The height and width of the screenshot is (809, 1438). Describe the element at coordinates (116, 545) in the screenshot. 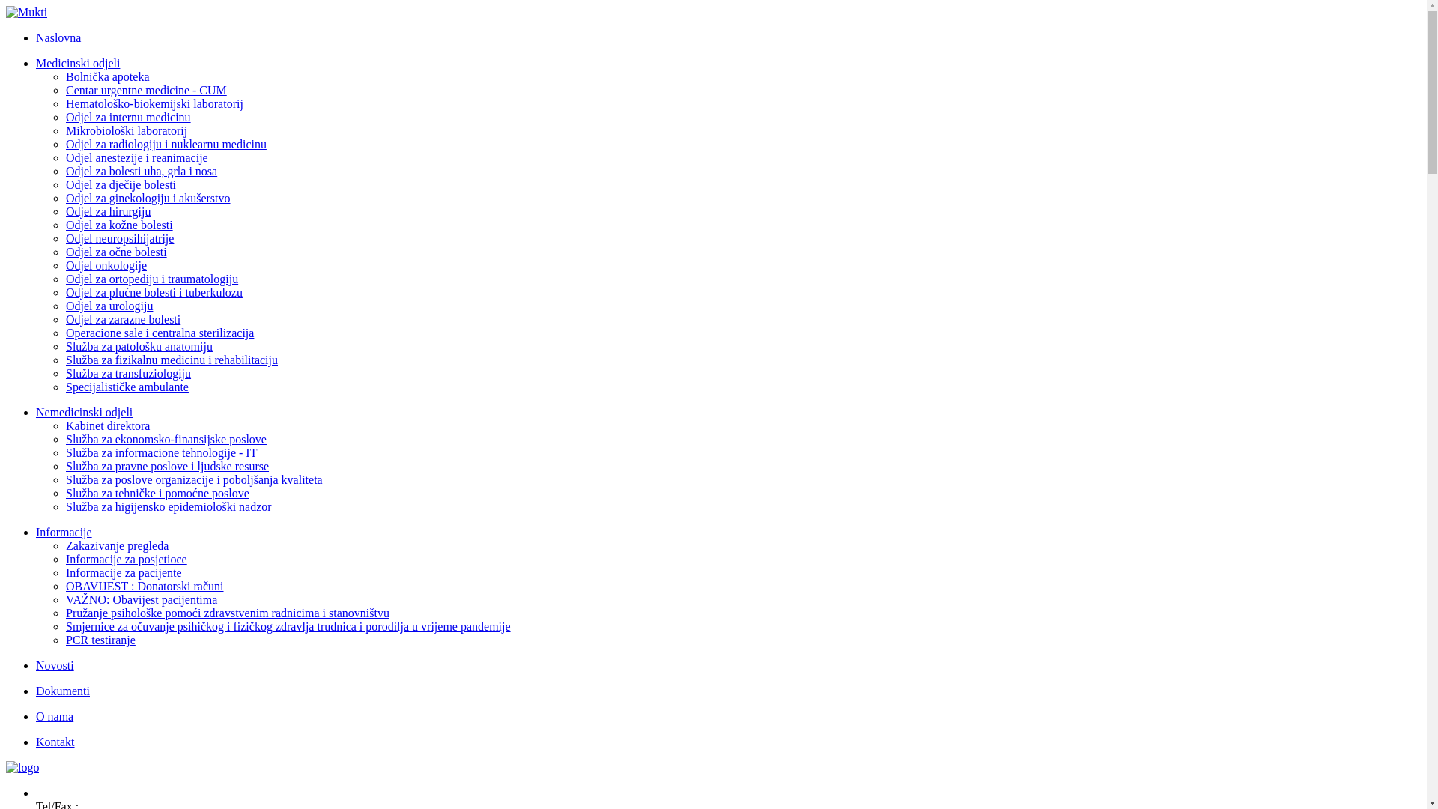

I see `'Zakazivanje pregleda'` at that location.